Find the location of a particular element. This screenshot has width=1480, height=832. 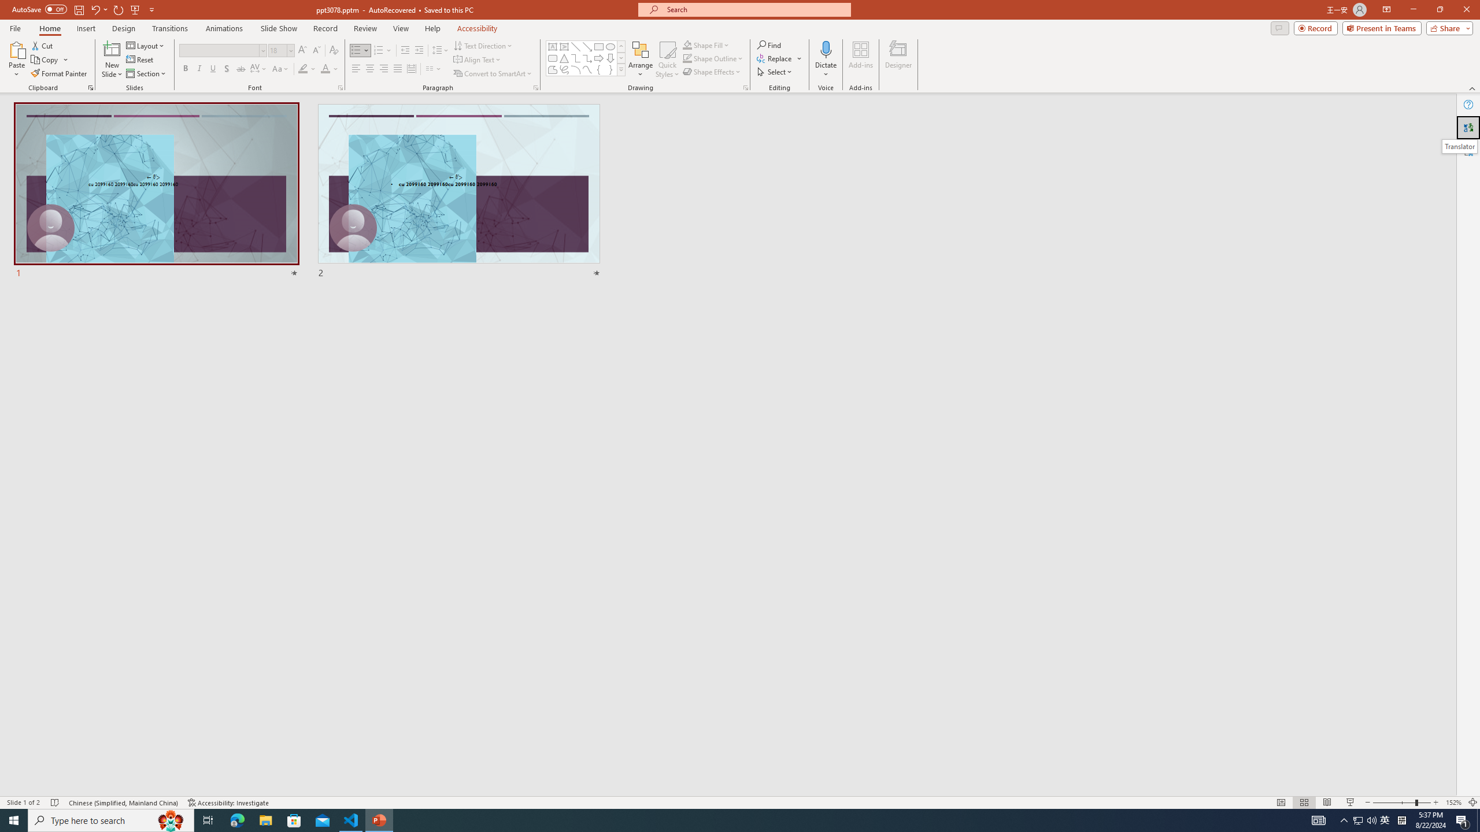

'Left Brace' is located at coordinates (598, 69).